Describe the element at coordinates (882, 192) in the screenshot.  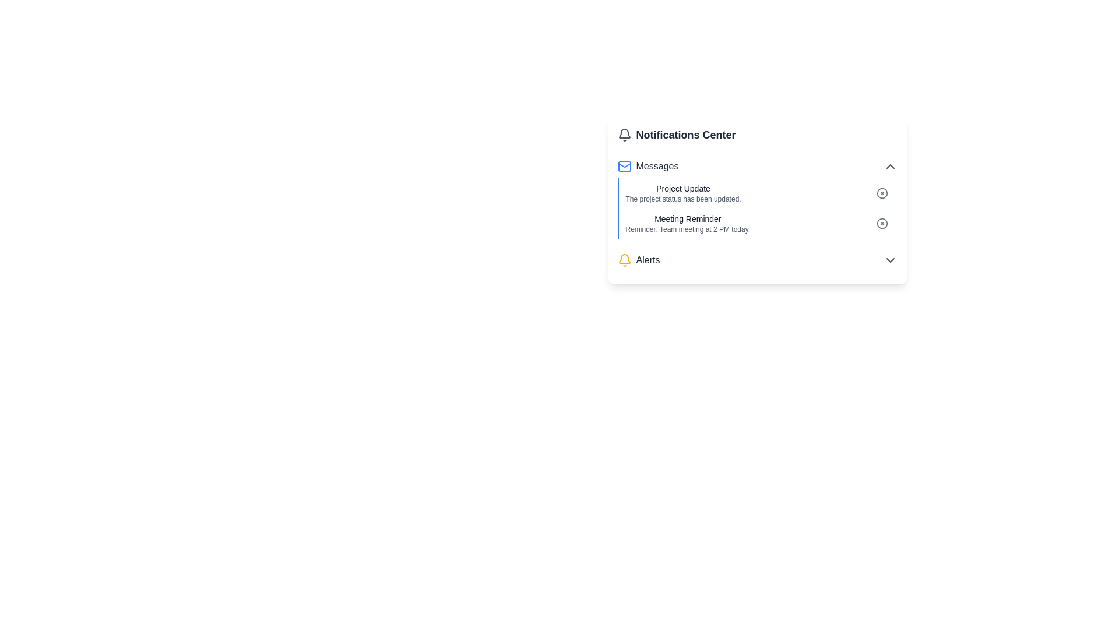
I see `the dismiss button located on the right side of the 'Project Update' notification in the 'Notifications Center'` at that location.